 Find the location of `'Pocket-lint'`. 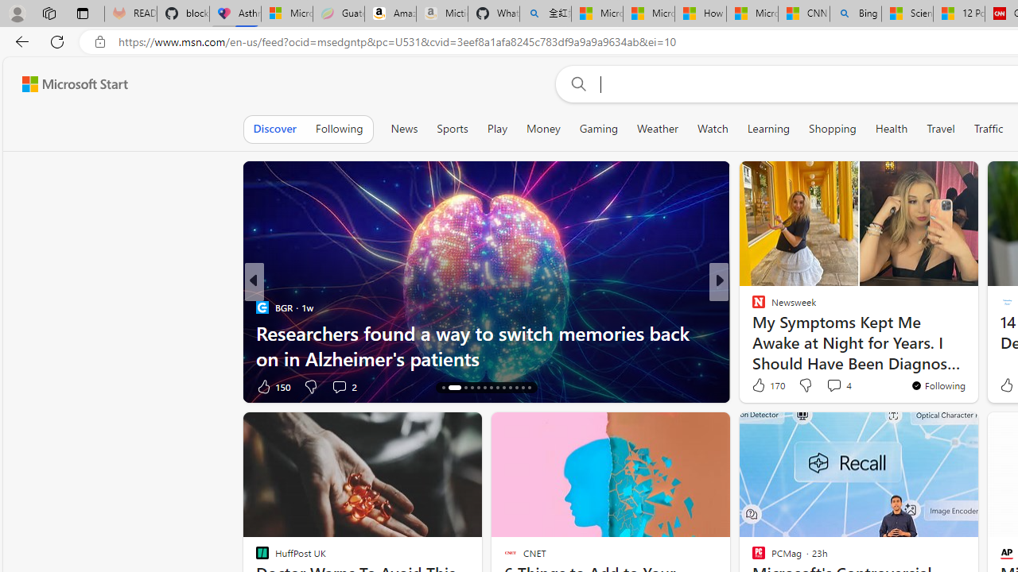

'Pocket-lint' is located at coordinates (751, 332).